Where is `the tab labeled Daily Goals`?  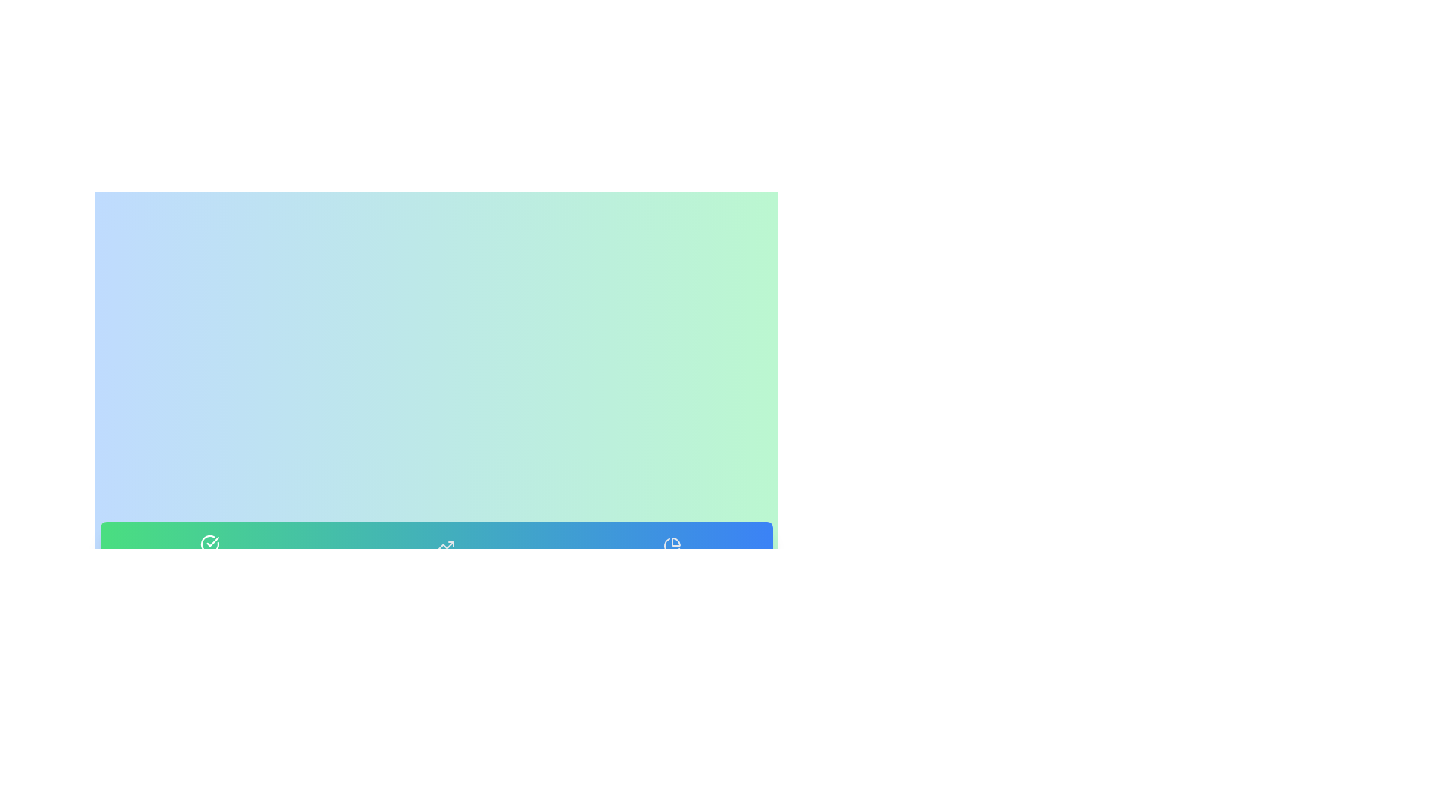 the tab labeled Daily Goals is located at coordinates (209, 561).